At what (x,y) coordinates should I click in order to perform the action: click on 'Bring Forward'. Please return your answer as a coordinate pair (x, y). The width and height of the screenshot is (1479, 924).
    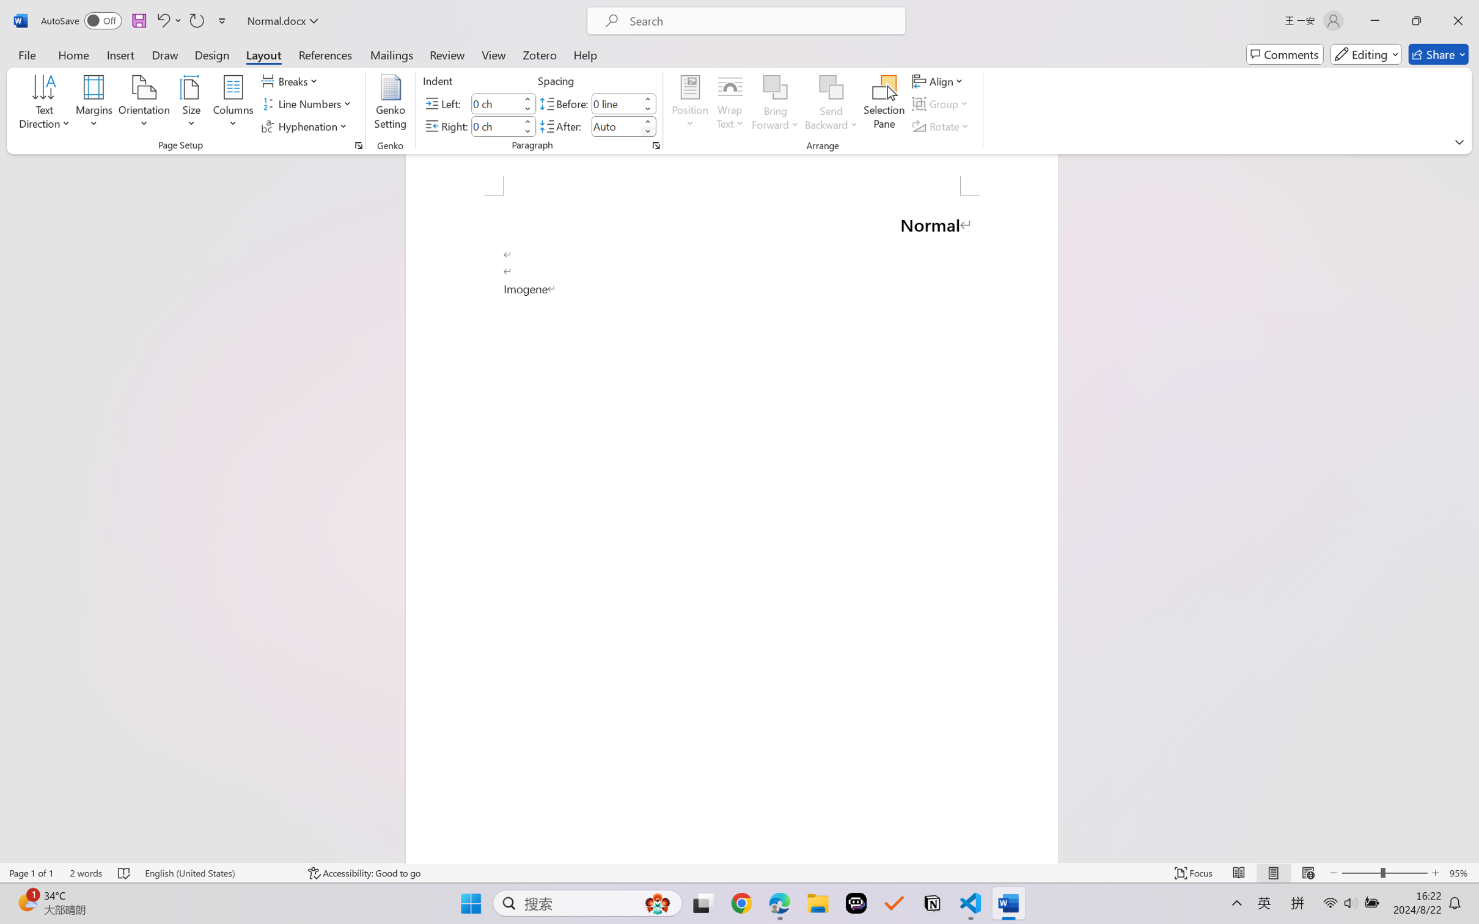
    Looking at the image, I should click on (776, 87).